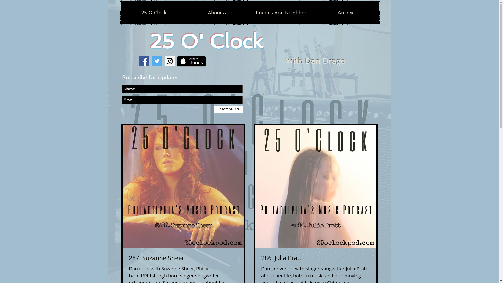 Image resolution: width=503 pixels, height=283 pixels. Describe the element at coordinates (314, 12) in the screenshot. I see `'Archive'` at that location.